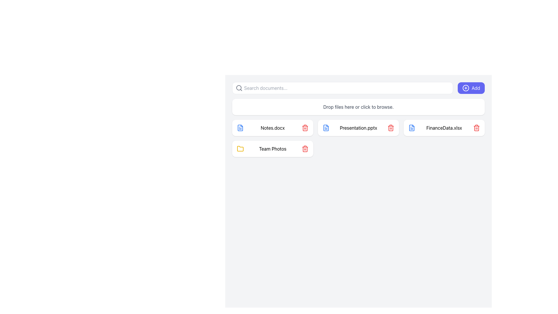  I want to click on the 'delete' button for the 'Team Photos' item, so click(305, 149).